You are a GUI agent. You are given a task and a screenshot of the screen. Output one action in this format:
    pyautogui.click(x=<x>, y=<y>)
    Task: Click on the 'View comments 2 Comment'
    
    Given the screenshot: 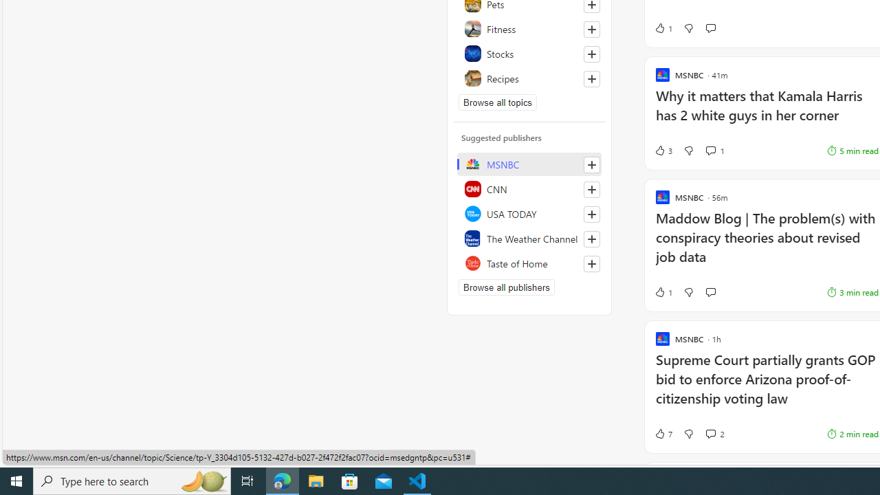 What is the action you would take?
    pyautogui.click(x=715, y=434)
    